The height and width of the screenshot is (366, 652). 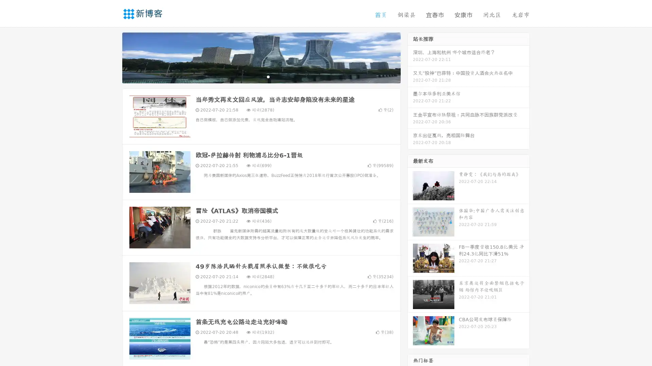 What do you see at coordinates (268, 76) in the screenshot?
I see `Go to slide 3` at bounding box center [268, 76].